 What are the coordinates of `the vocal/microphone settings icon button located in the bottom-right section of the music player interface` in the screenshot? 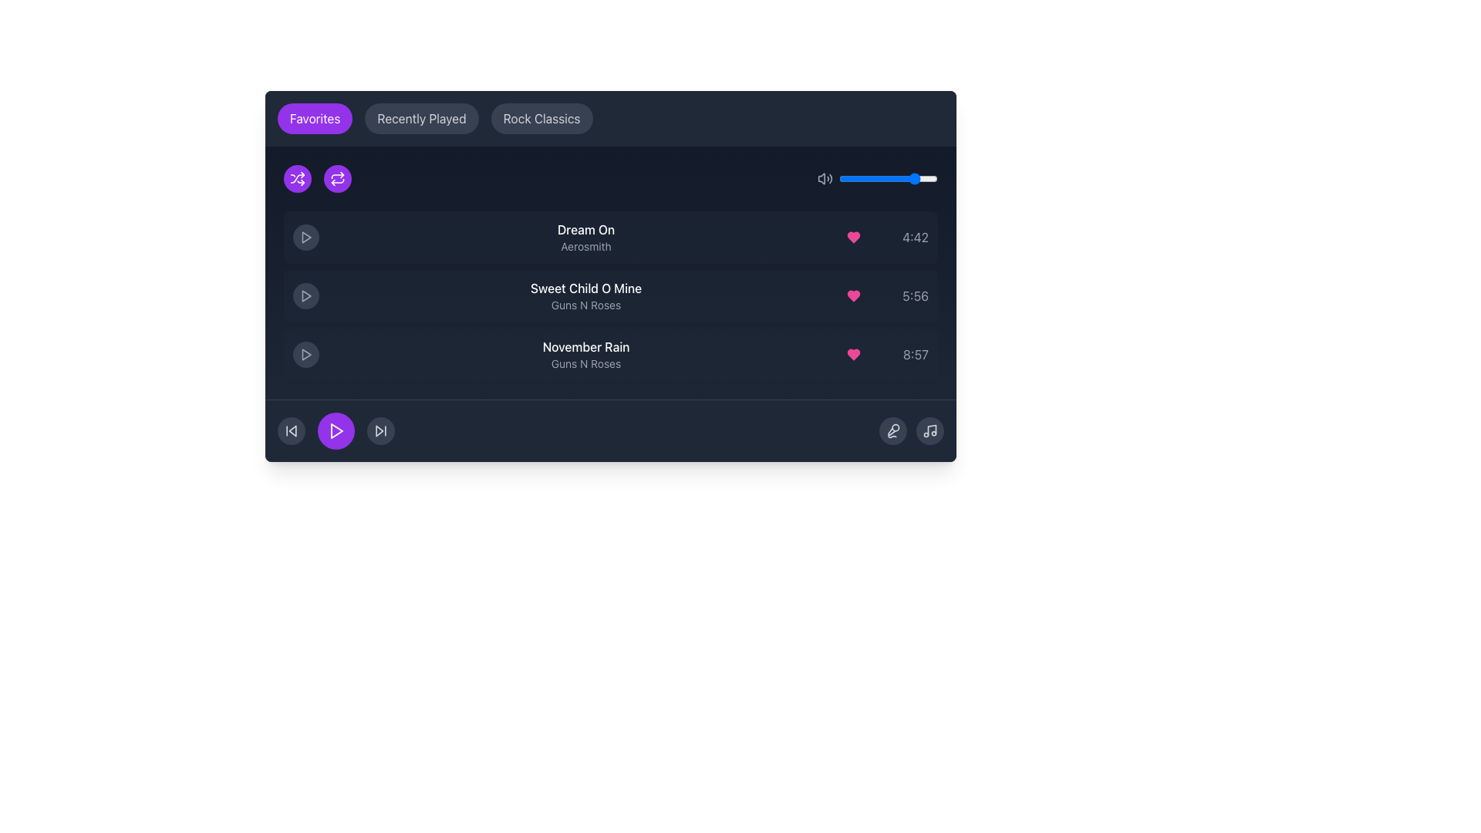 It's located at (892, 431).